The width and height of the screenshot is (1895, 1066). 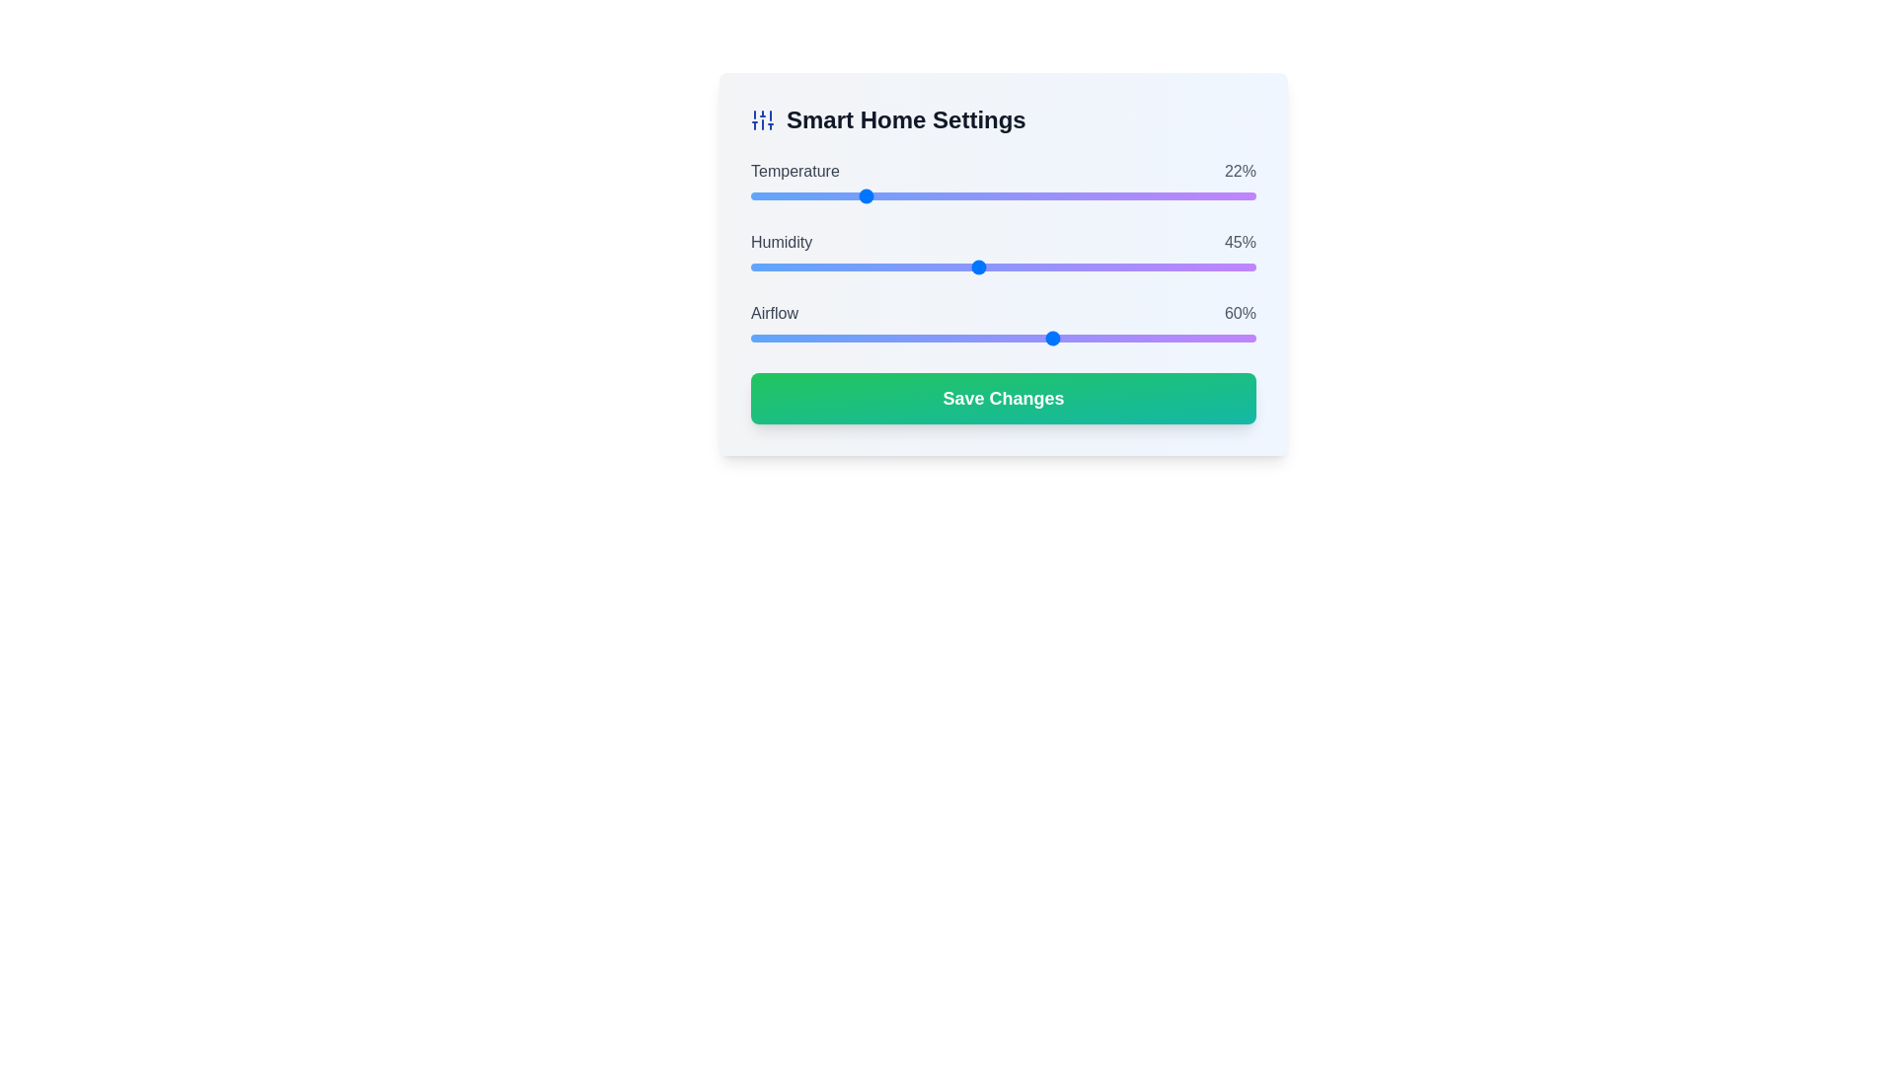 I want to click on the slider, so click(x=816, y=196).